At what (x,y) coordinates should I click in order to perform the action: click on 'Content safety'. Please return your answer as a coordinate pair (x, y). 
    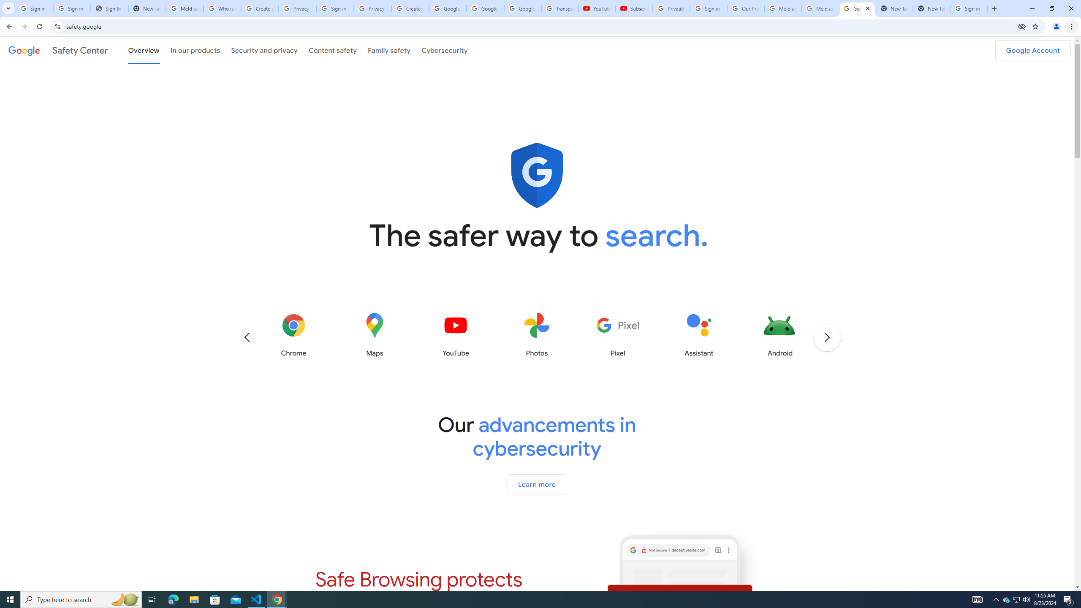
    Looking at the image, I should click on (332, 50).